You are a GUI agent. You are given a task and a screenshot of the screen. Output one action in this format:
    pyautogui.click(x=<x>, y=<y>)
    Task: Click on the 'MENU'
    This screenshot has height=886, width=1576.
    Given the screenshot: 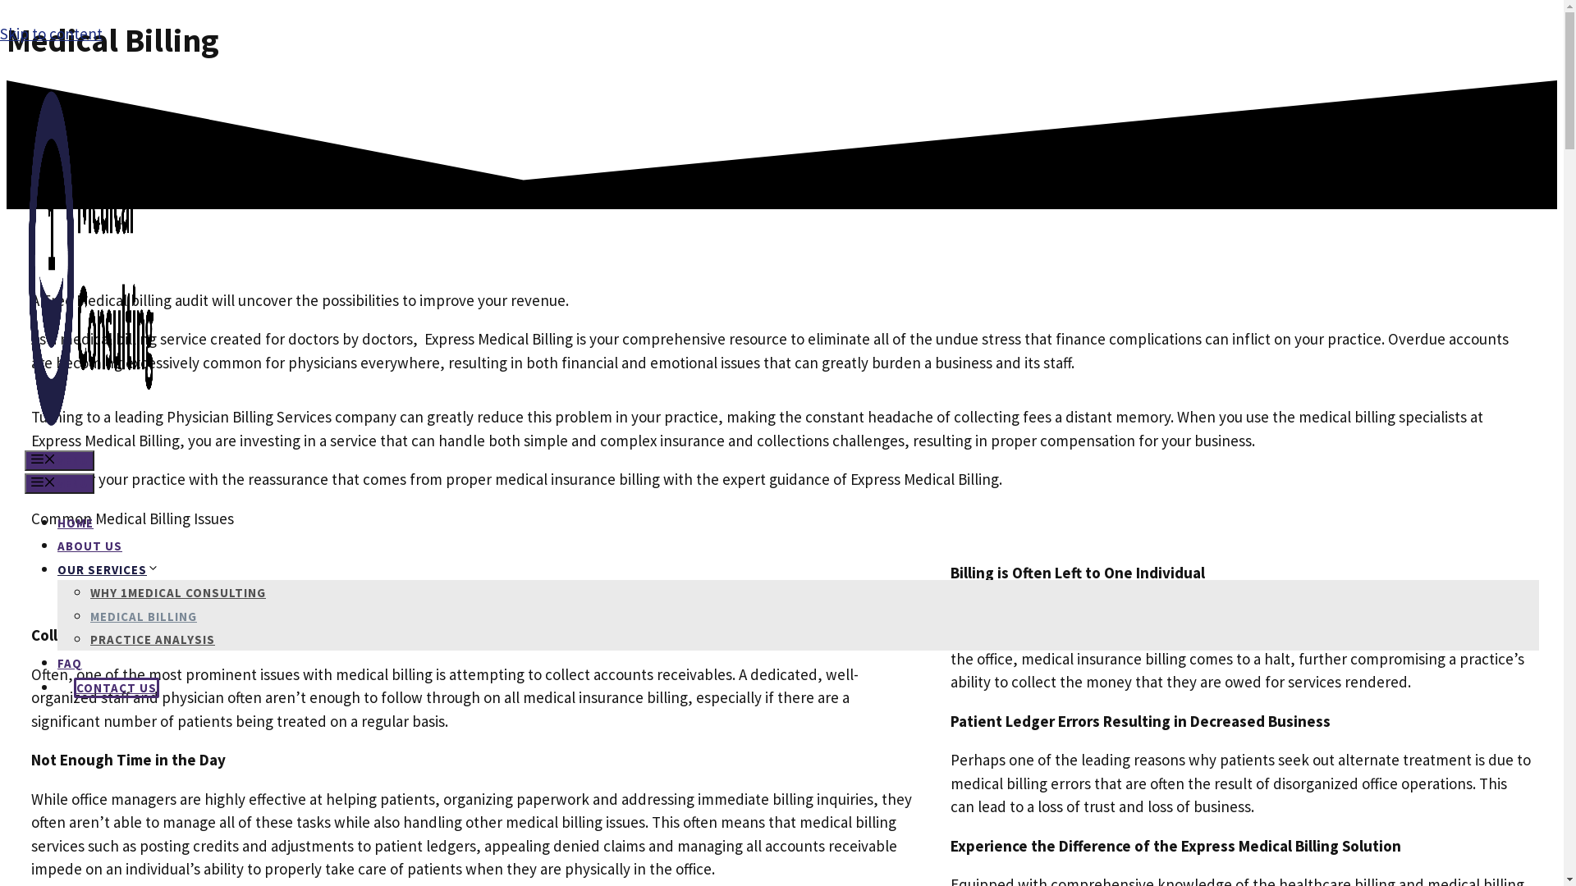 What is the action you would take?
    pyautogui.click(x=24, y=482)
    